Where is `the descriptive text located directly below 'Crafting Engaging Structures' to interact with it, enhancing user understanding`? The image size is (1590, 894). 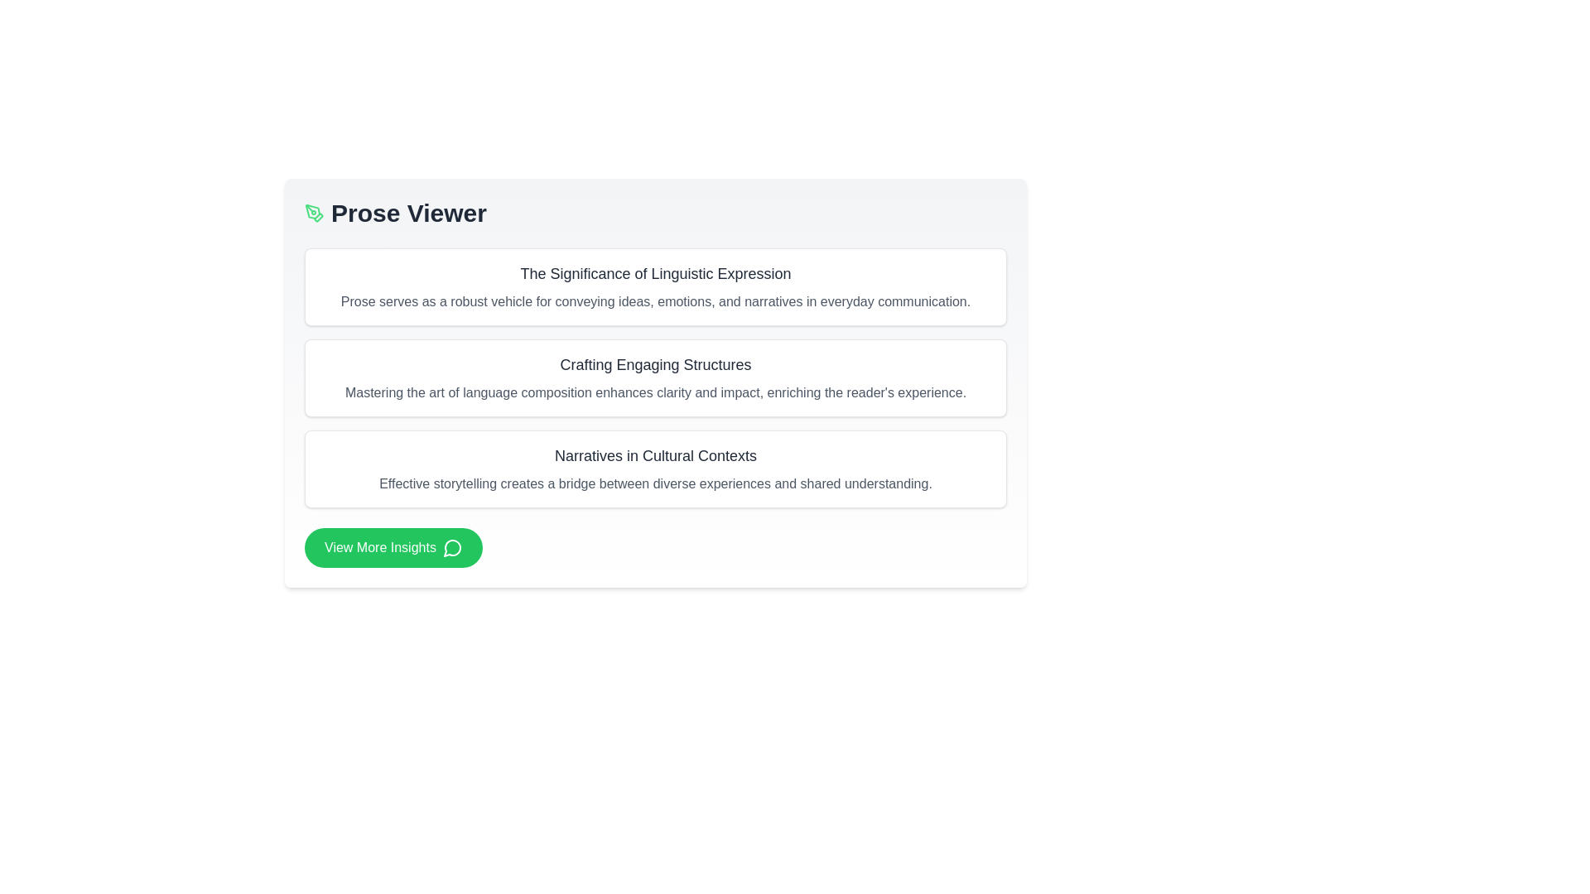
the descriptive text located directly below 'Crafting Engaging Structures' to interact with it, enhancing user understanding is located at coordinates (655, 392).